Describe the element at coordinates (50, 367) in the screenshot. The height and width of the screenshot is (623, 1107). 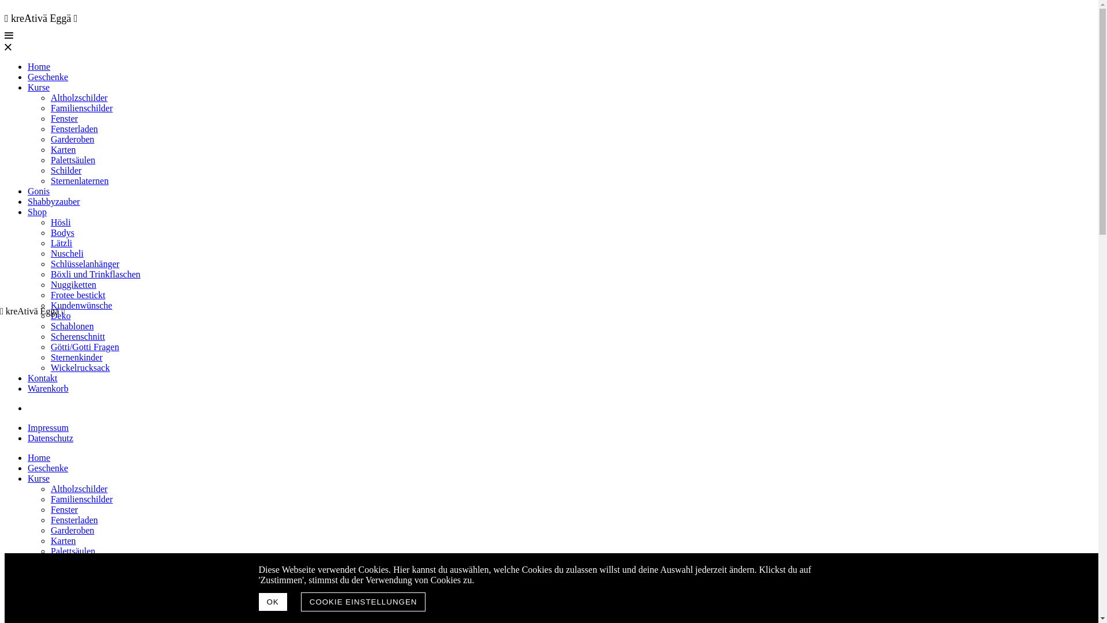
I see `'Wickelrucksack'` at that location.